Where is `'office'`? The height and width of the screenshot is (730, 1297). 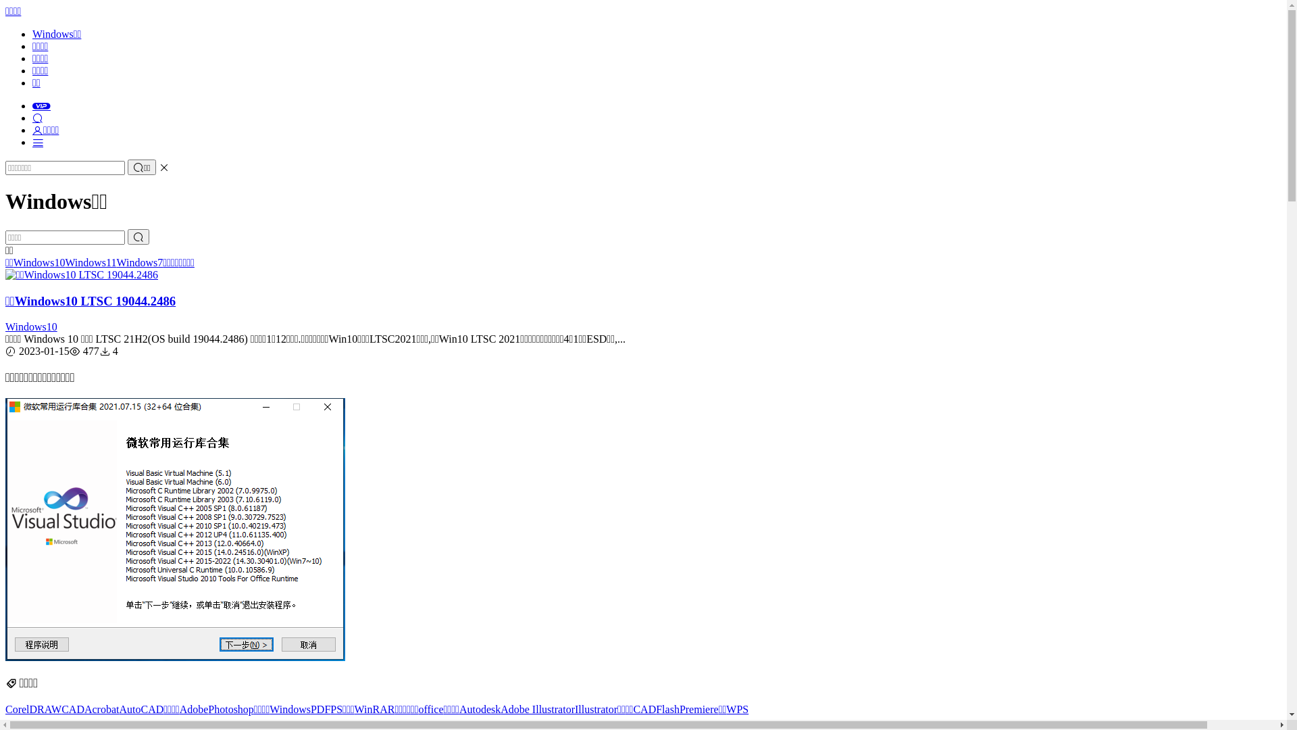 'office' is located at coordinates (430, 708).